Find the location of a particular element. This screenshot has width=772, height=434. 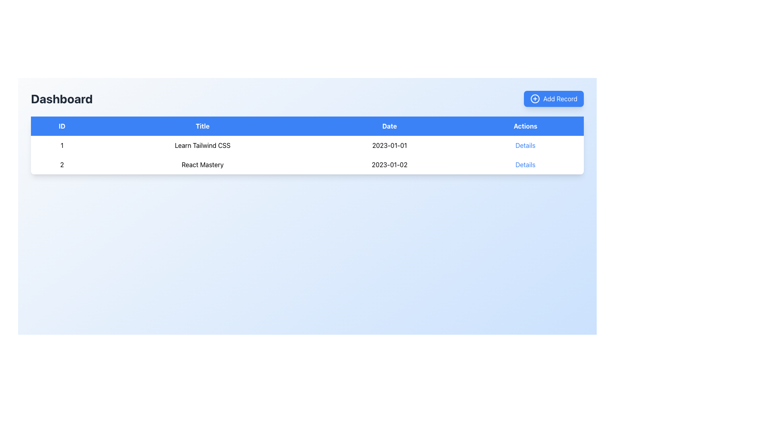

the first table cell under the 'ID' header is located at coordinates (62, 145).